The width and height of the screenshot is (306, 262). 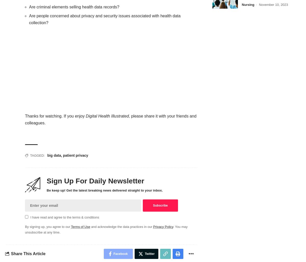 I want to click on 'Thanks for watching. If you enjoy', so click(x=55, y=115).